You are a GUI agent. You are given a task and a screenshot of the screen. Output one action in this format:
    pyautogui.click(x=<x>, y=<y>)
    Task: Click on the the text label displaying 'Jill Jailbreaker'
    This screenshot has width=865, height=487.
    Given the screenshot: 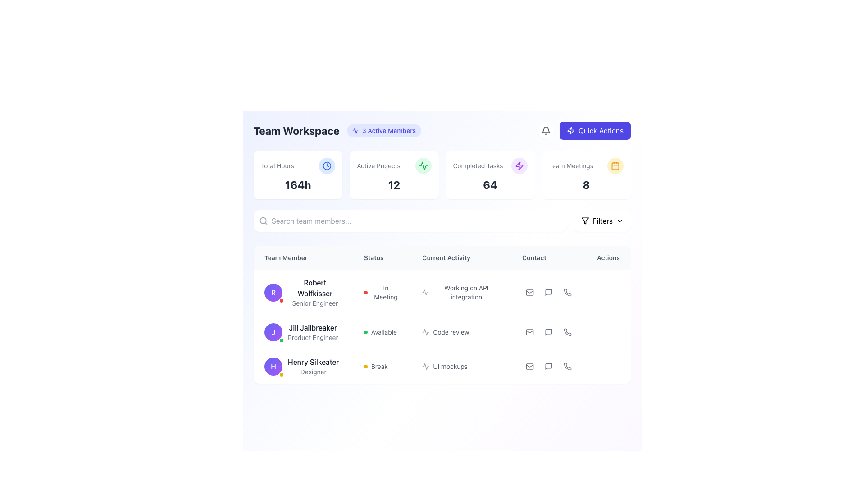 What is the action you would take?
    pyautogui.click(x=313, y=327)
    